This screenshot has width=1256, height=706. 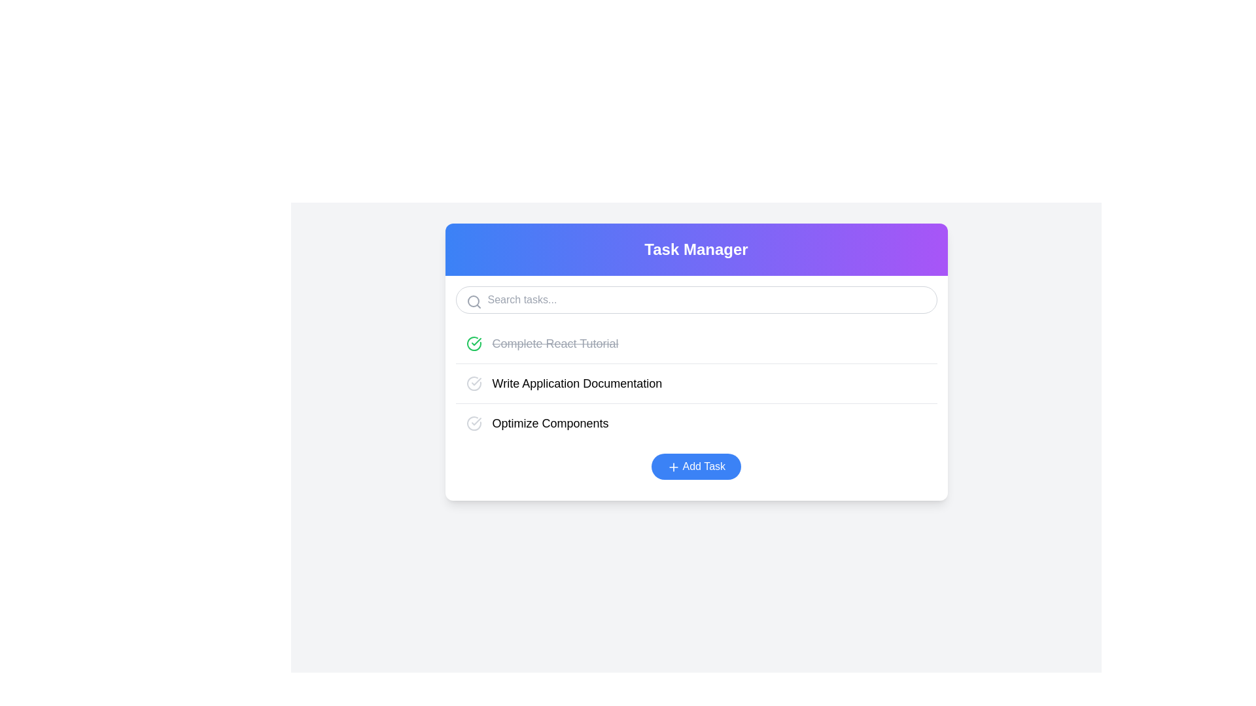 I want to click on the circular icon featuring a check mark, located to the left of the text 'Write Application Documentation', so click(x=473, y=382).